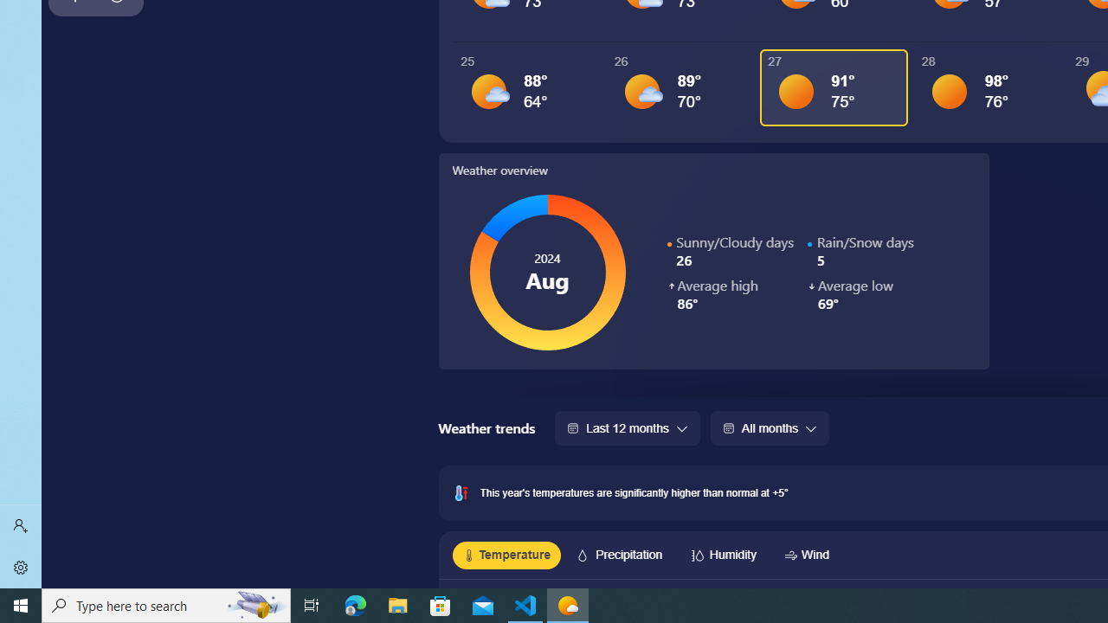 The image size is (1108, 623). What do you see at coordinates (311, 604) in the screenshot?
I see `'Task View'` at bounding box center [311, 604].